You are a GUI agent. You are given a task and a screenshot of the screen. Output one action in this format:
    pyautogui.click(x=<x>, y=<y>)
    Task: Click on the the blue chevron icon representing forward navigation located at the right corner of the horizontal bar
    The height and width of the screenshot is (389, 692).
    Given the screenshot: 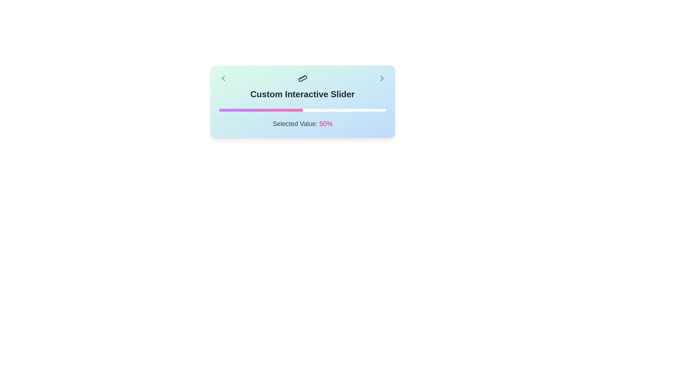 What is the action you would take?
    pyautogui.click(x=381, y=79)
    